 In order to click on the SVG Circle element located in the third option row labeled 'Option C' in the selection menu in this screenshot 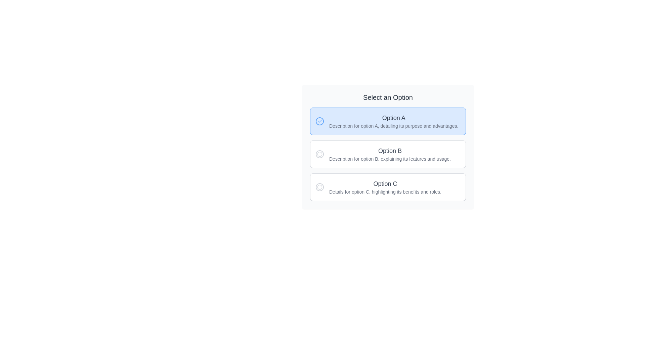, I will do `click(319, 187)`.